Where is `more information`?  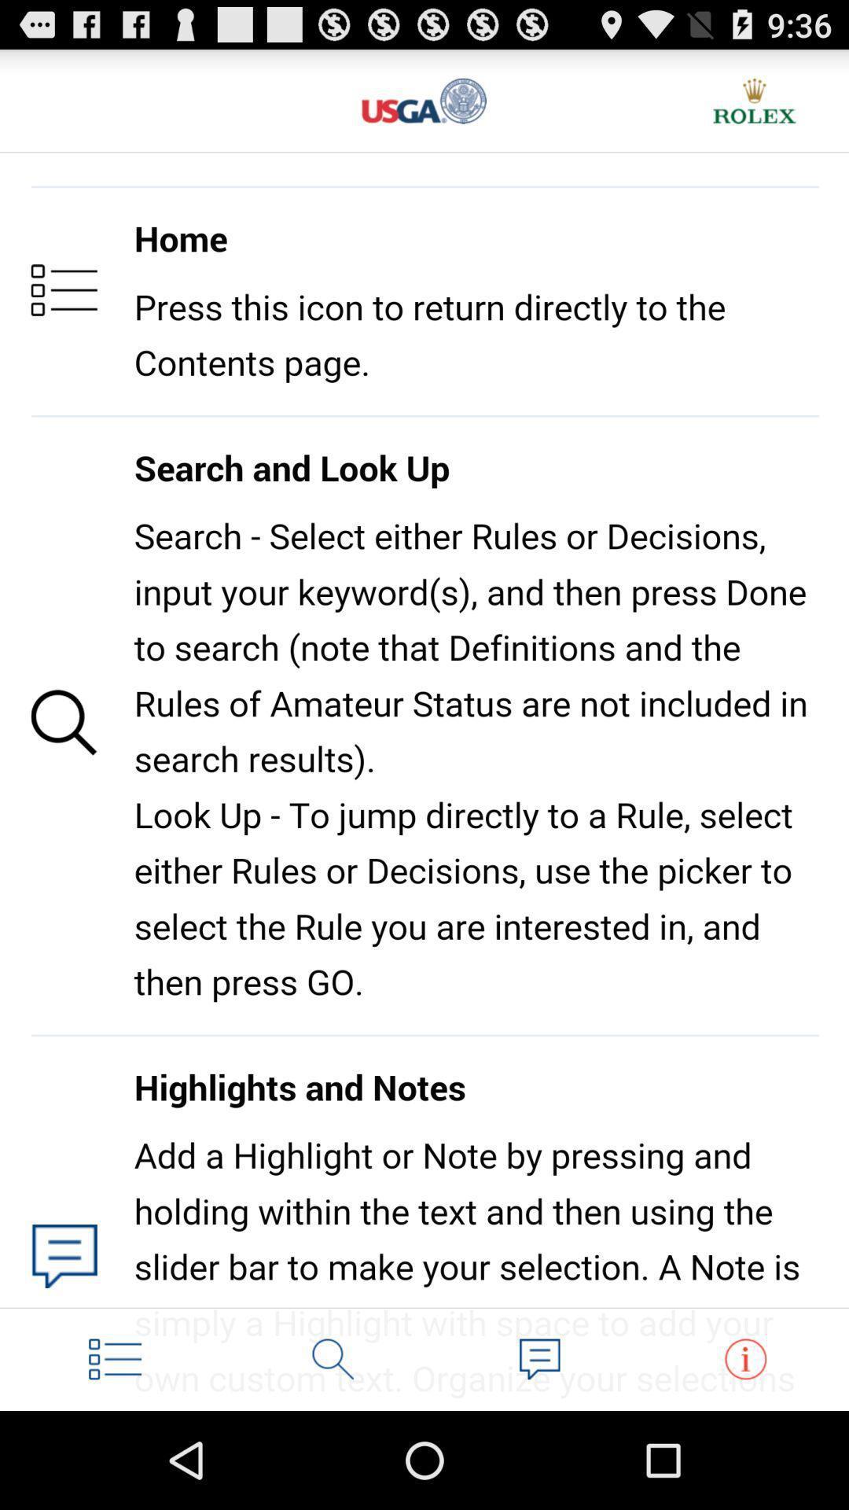 more information is located at coordinates (744, 1358).